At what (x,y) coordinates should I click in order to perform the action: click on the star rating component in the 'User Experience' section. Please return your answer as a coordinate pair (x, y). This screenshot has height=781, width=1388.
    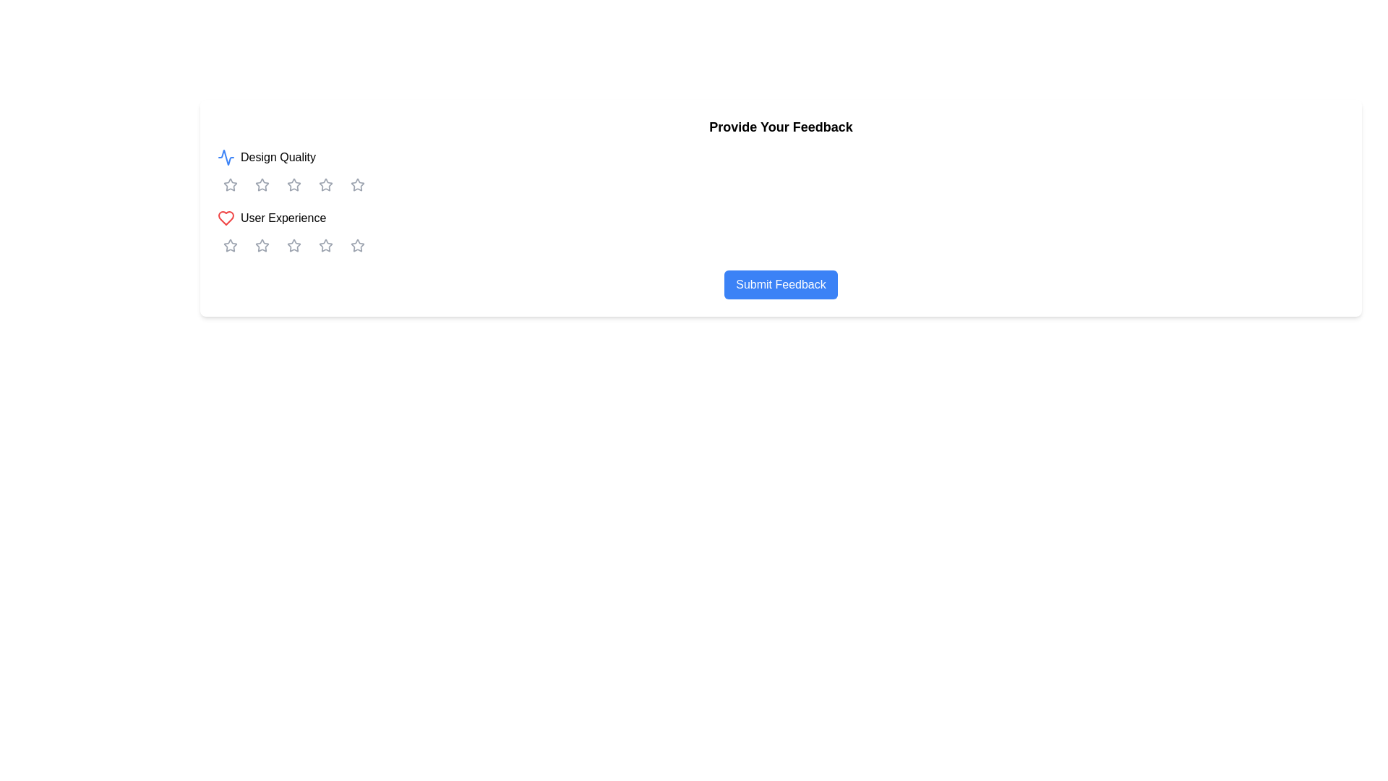
    Looking at the image, I should click on (780, 244).